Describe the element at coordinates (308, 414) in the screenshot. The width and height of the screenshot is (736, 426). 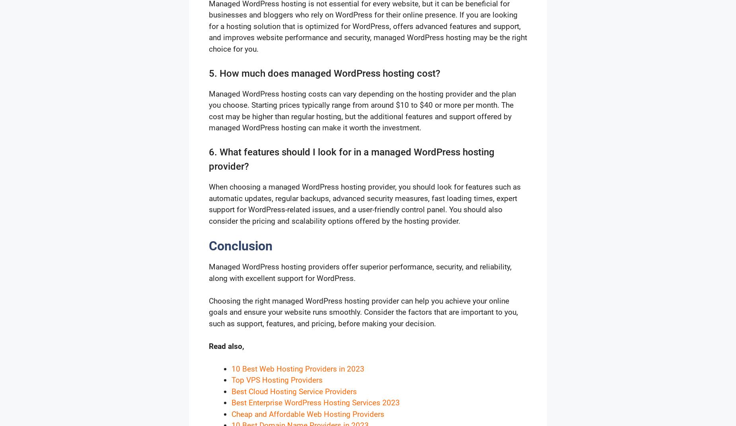
I see `'Cheap and Affordable Web Hosting Providers'` at that location.